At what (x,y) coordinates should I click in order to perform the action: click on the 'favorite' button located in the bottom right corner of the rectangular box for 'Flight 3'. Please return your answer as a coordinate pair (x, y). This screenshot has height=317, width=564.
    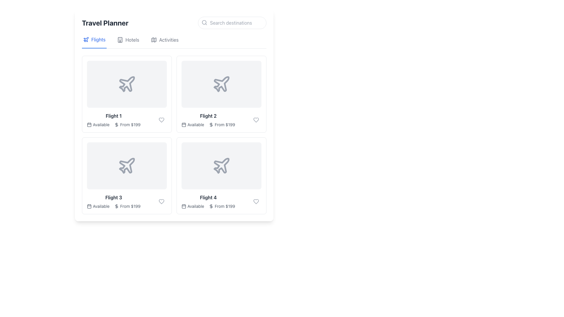
    Looking at the image, I should click on (162, 201).